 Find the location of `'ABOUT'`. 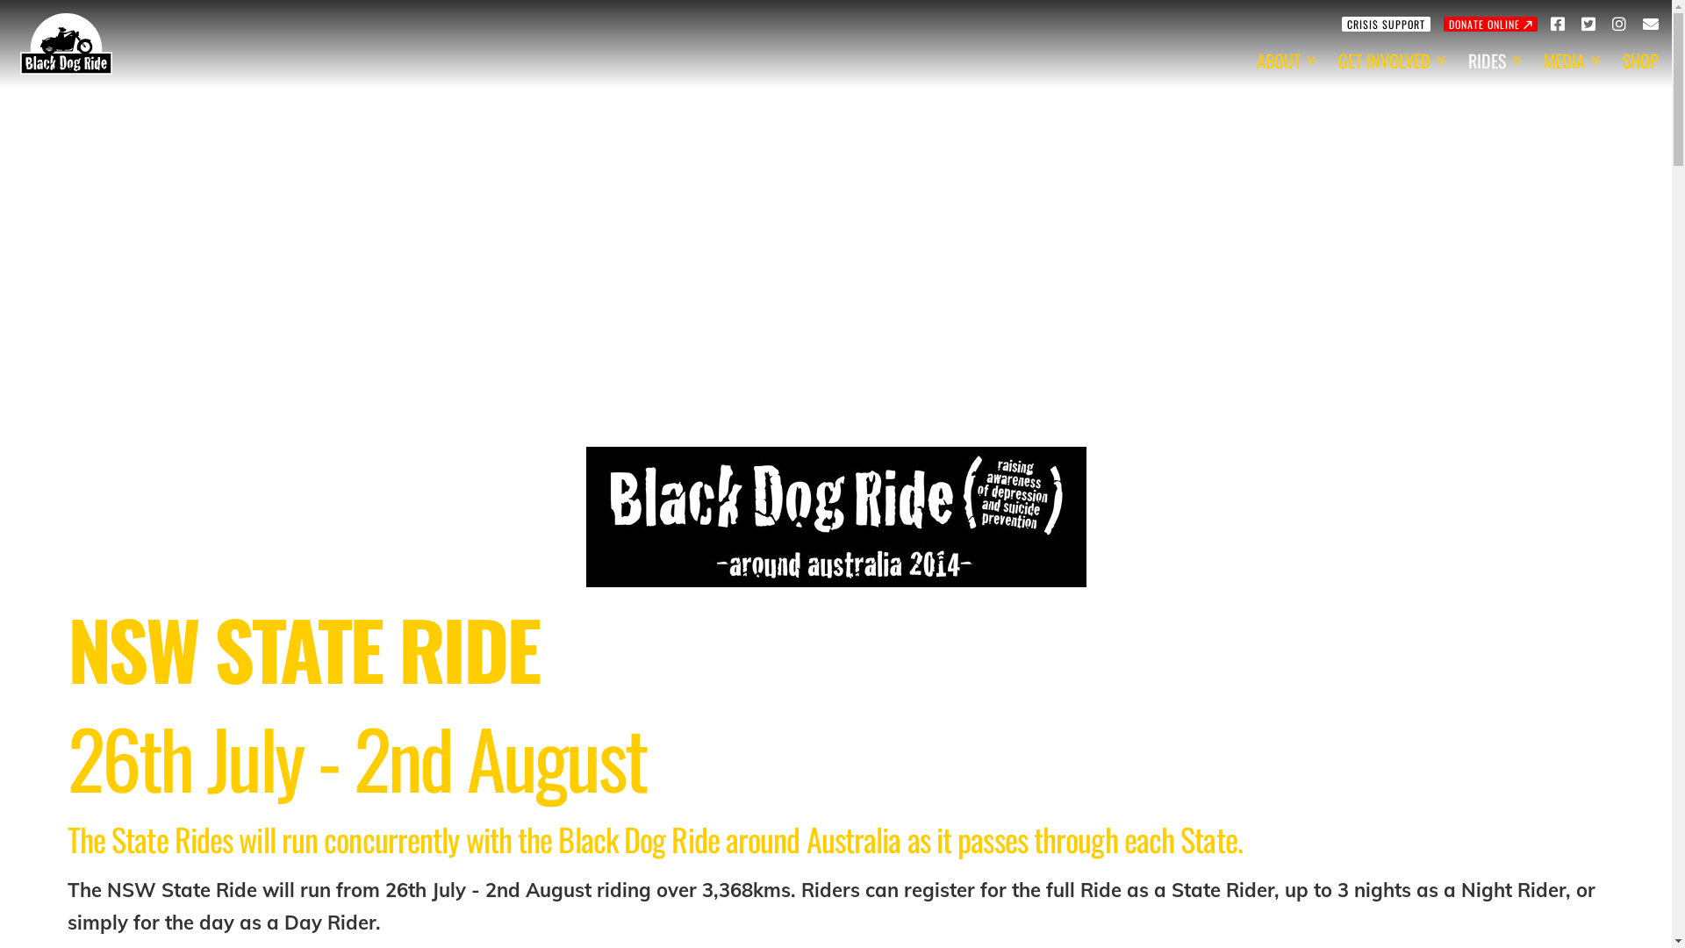

'ABOUT' is located at coordinates (1242, 60).